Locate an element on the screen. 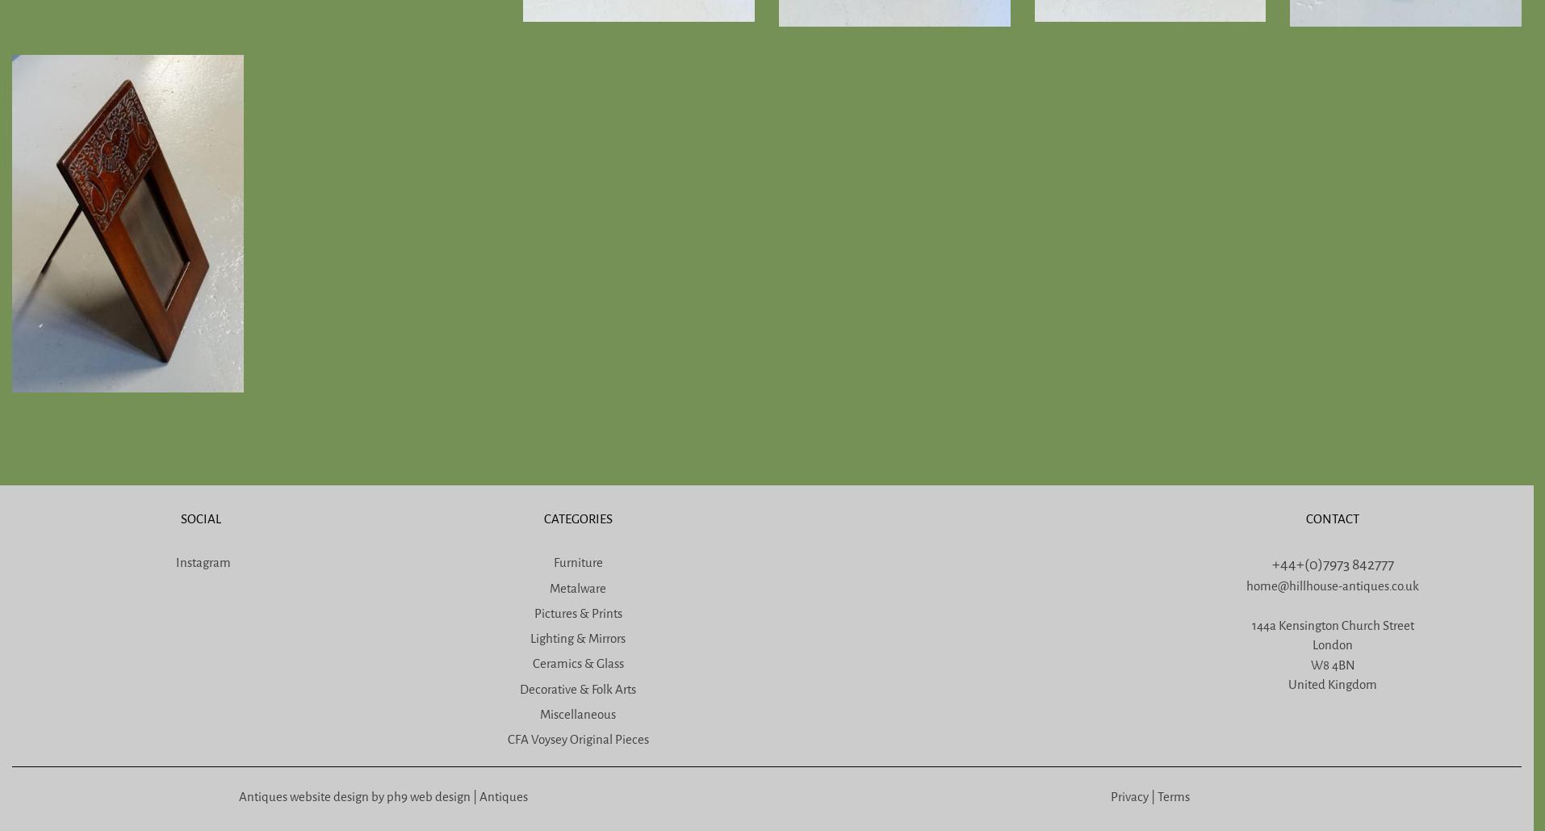 Image resolution: width=1545 pixels, height=831 pixels. 'Antiques website design' is located at coordinates (304, 795).